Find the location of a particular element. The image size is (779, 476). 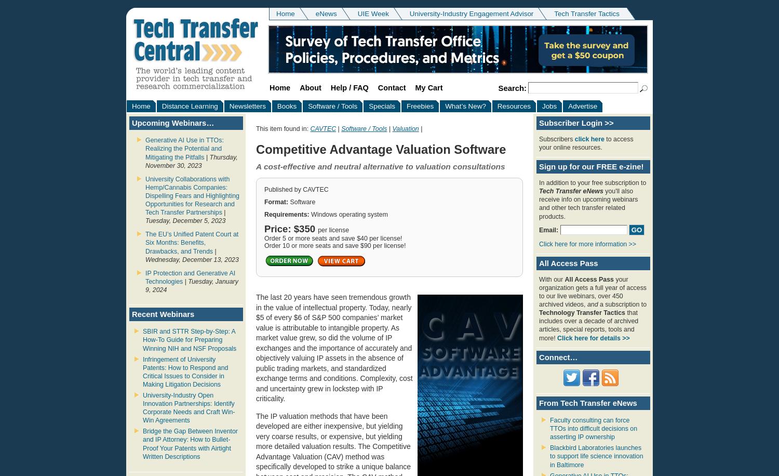

'A cost-effective and neutral alternative to valuation consultations' is located at coordinates (380, 166).